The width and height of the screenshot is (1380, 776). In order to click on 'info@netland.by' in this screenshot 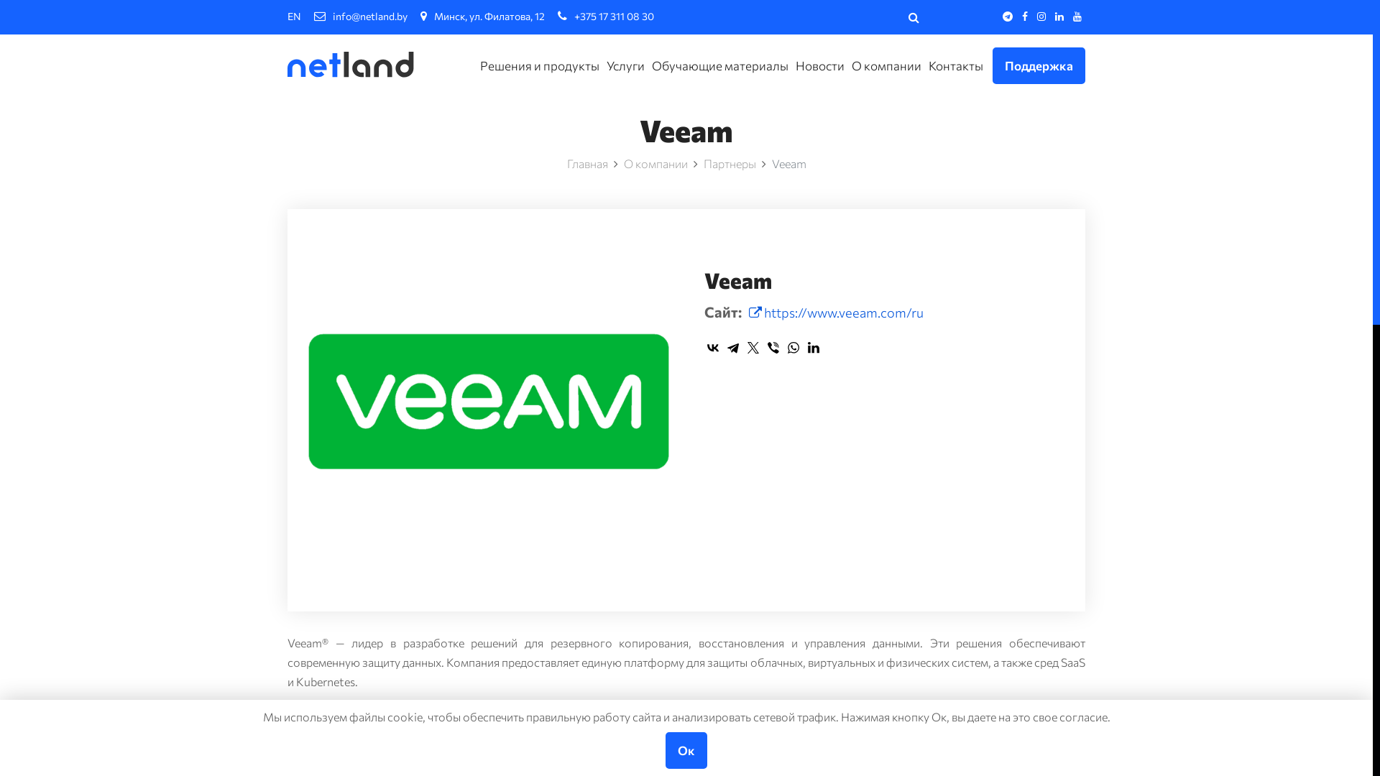, I will do `click(313, 16)`.